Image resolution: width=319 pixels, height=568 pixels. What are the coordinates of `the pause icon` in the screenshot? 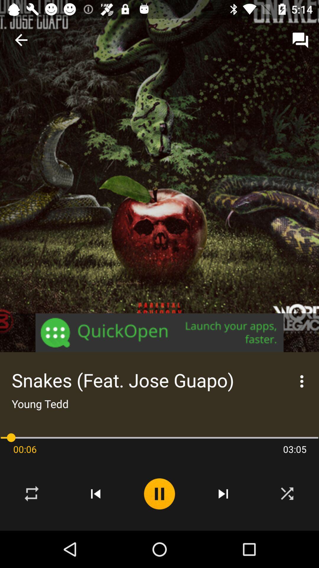 It's located at (159, 494).